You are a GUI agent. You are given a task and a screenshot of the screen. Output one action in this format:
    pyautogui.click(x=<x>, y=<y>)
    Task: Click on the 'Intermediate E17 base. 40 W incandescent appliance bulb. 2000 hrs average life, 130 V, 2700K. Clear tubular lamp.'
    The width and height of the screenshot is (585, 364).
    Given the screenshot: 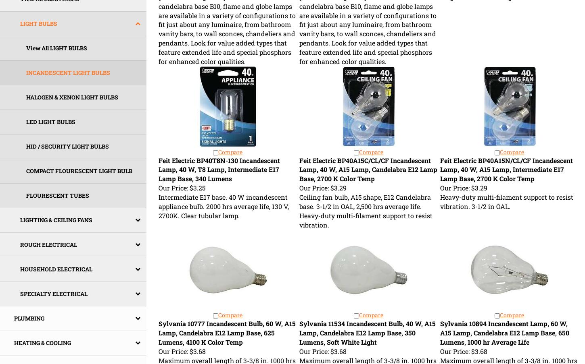 What is the action you would take?
    pyautogui.click(x=223, y=206)
    